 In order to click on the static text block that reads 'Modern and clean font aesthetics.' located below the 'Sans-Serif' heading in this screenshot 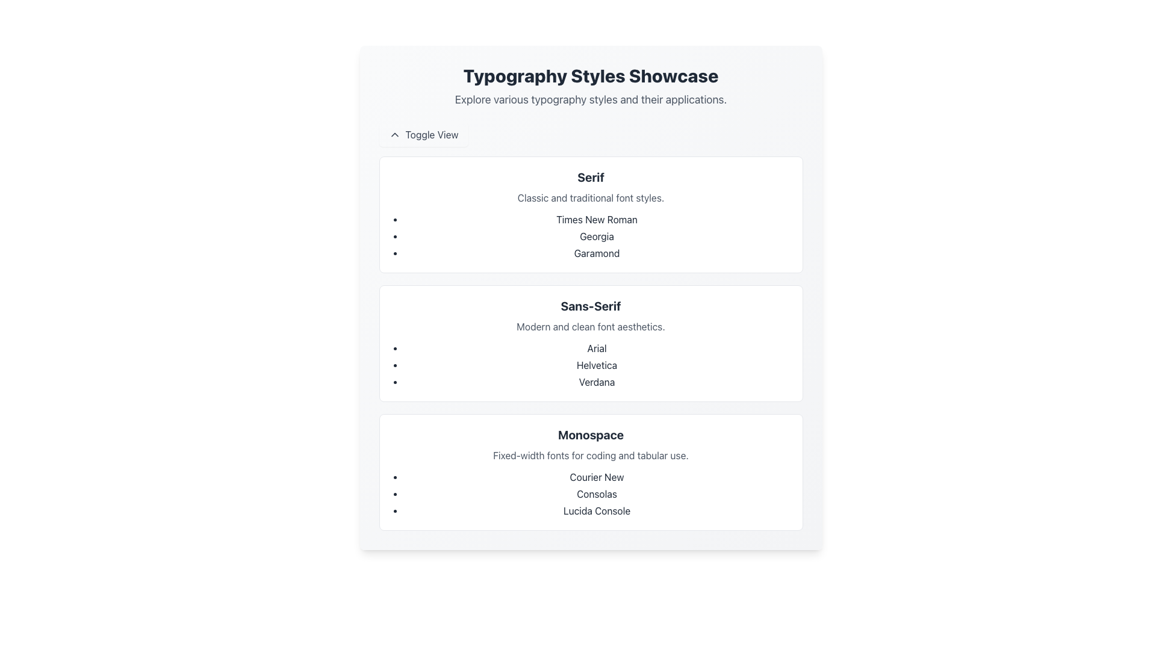, I will do `click(591, 327)`.